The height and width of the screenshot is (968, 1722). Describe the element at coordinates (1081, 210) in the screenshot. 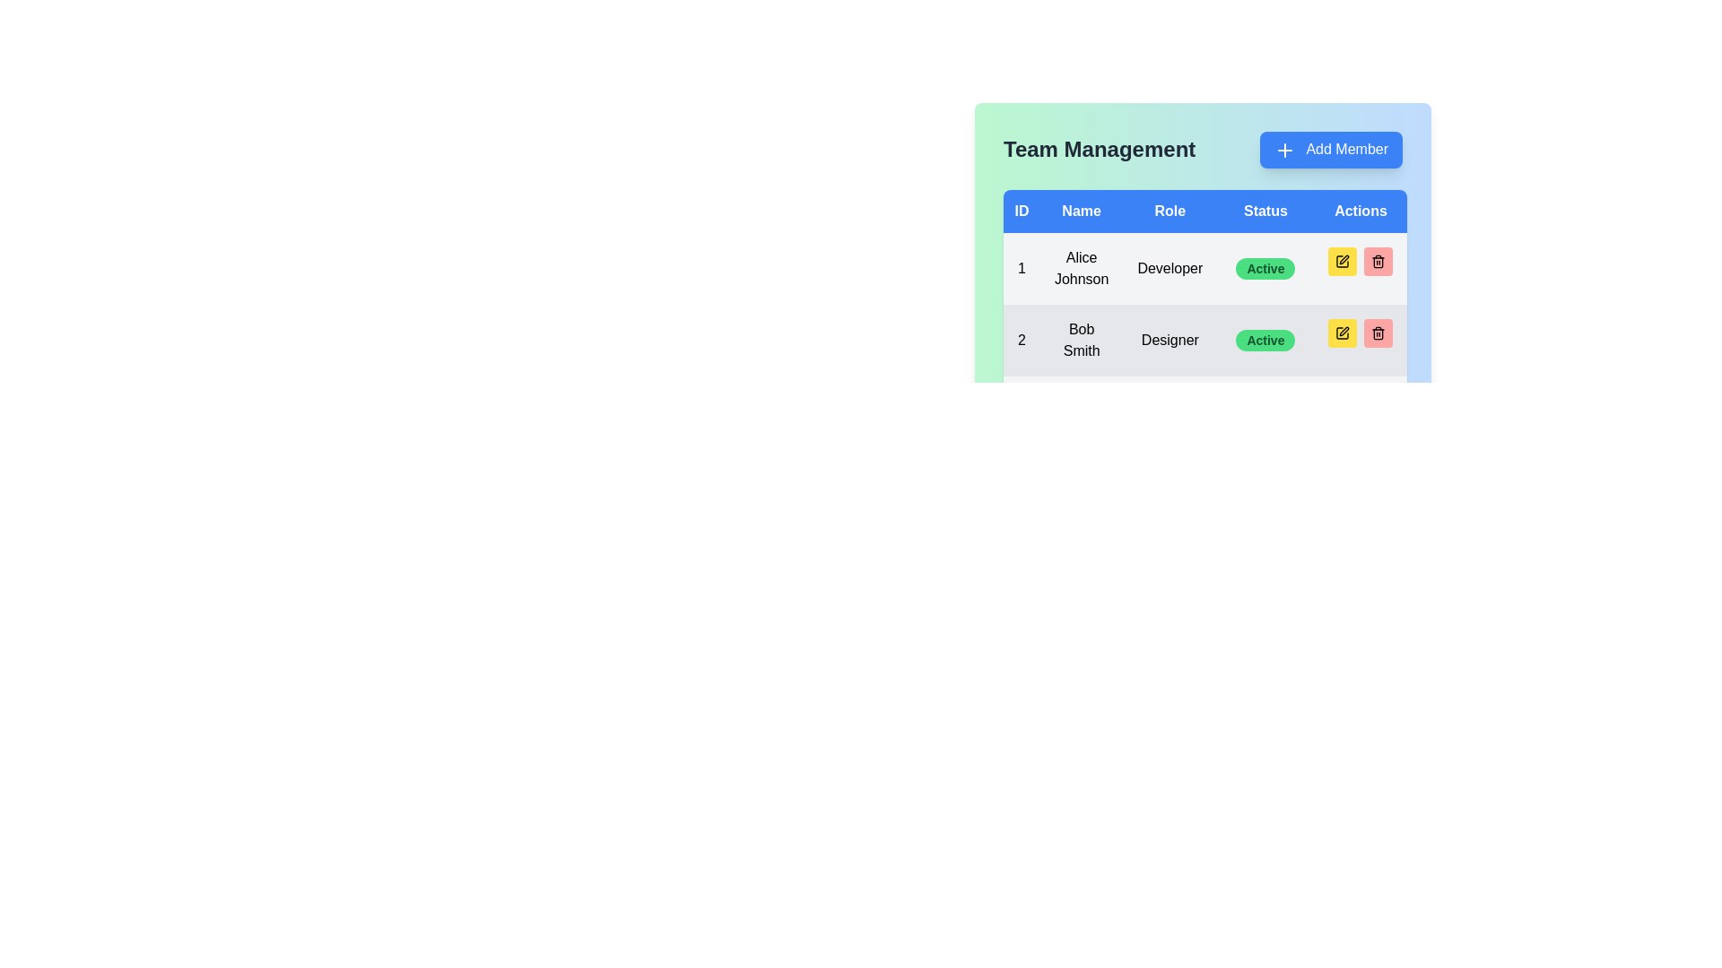

I see `the 'Name' text label in the table header, which is a bold rectangular text block with a blue background and white text, located between the 'ID' and 'Role' headers in the 'Team Management' section` at that location.